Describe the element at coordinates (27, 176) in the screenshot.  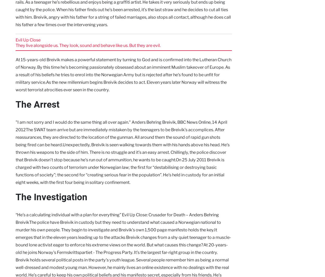
I see `'Cookies Choices'` at that location.